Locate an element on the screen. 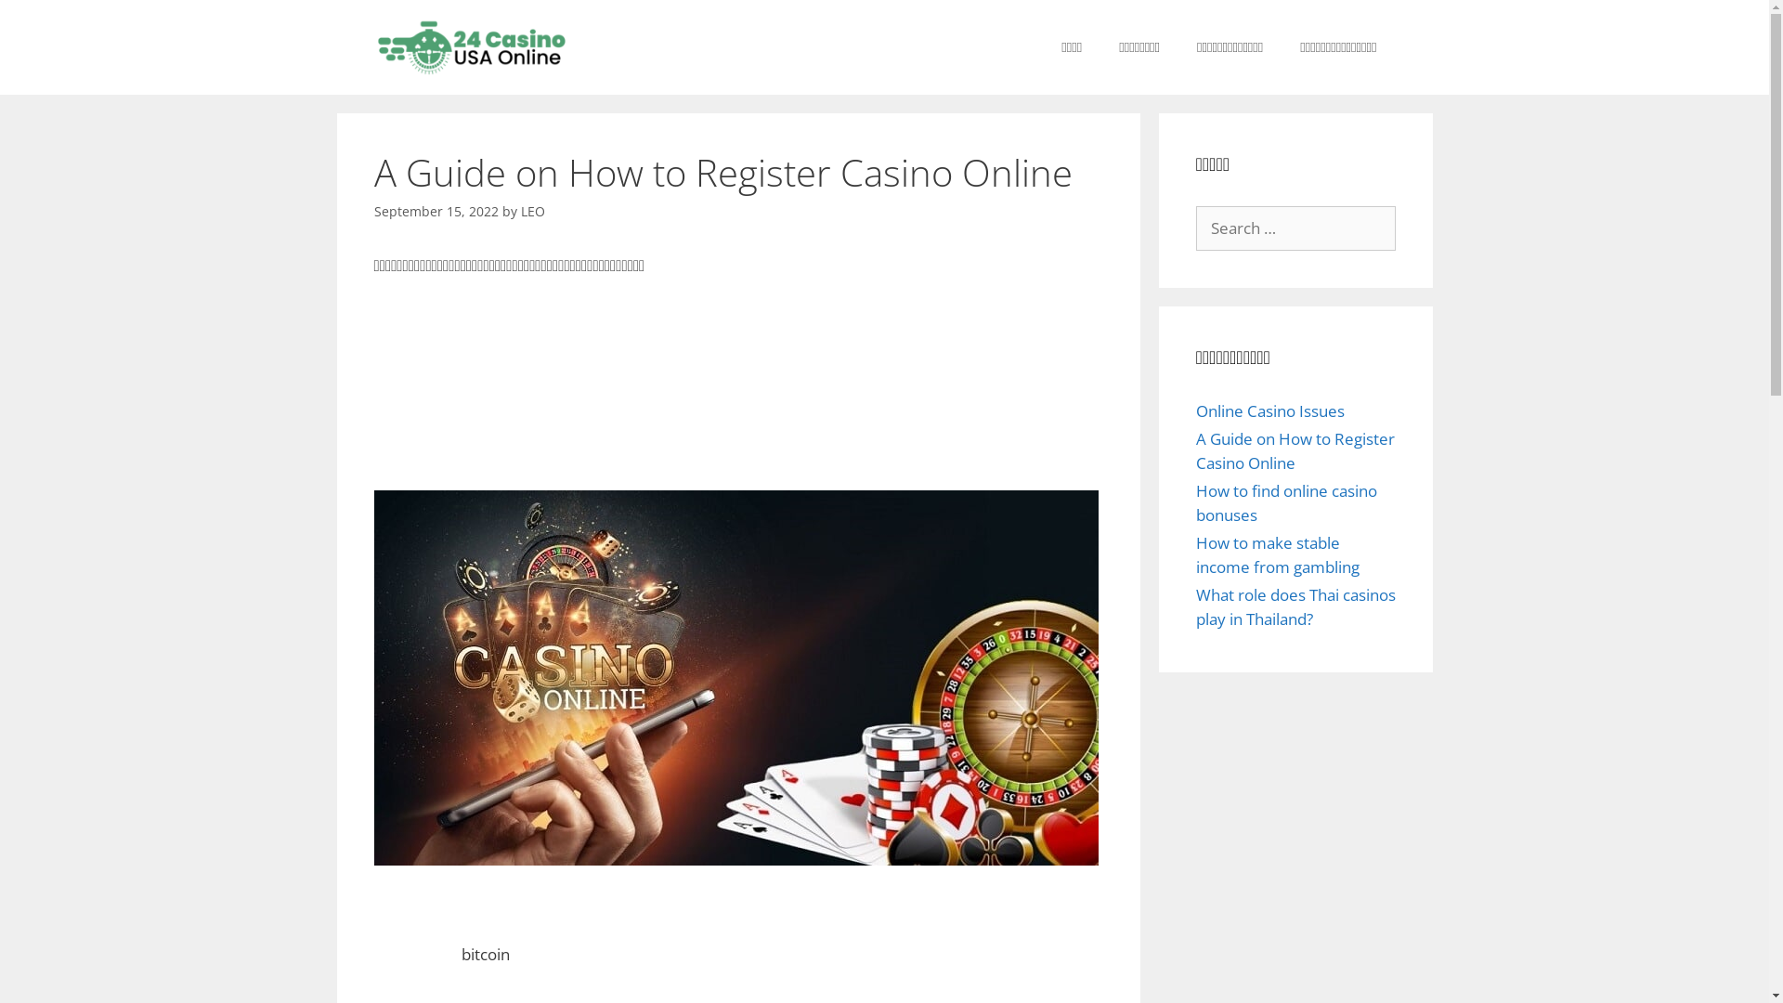  'How to make stable income from gambling' is located at coordinates (1277, 554).